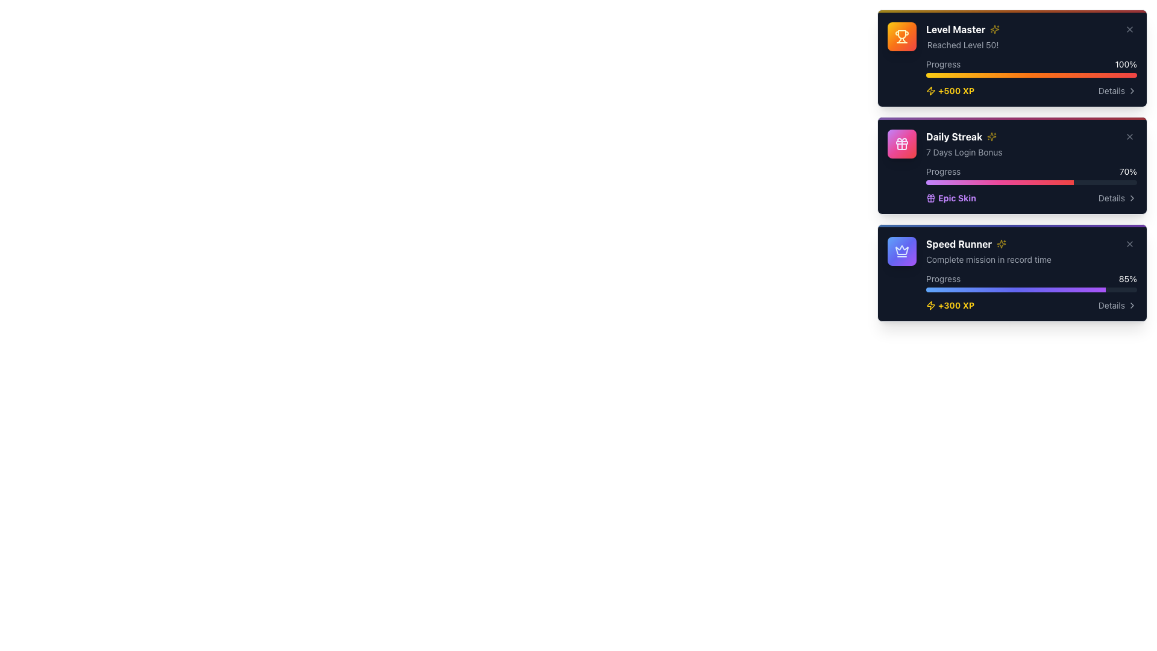  I want to click on the Decorative SVG icon located in the upper-right section of the 'Level Master' notification card to enhance visual appeal, so click(995, 29).